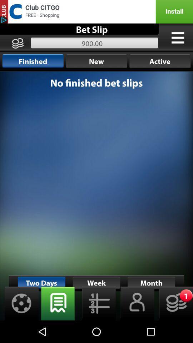 The height and width of the screenshot is (343, 193). What do you see at coordinates (177, 38) in the screenshot?
I see `open menu` at bounding box center [177, 38].